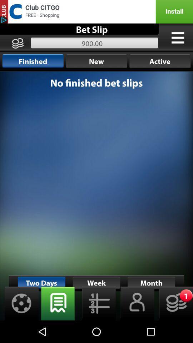 The height and width of the screenshot is (343, 193). What do you see at coordinates (177, 38) in the screenshot?
I see `open menu` at bounding box center [177, 38].